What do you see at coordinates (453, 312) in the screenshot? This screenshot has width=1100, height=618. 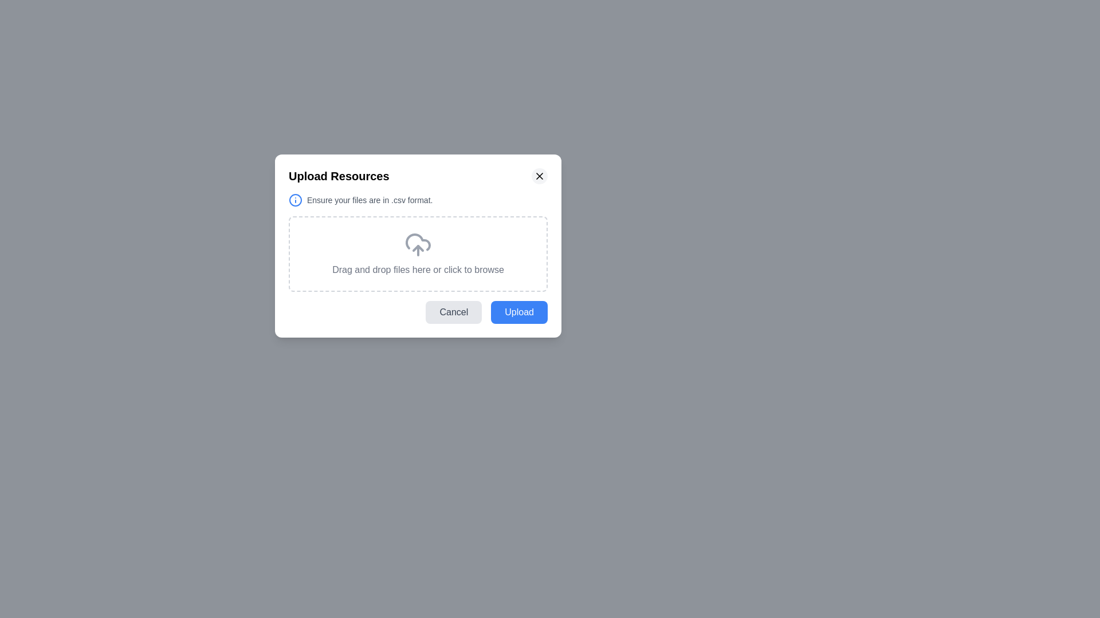 I see `the cancel button in the modal dialog to activate hover styling` at bounding box center [453, 312].